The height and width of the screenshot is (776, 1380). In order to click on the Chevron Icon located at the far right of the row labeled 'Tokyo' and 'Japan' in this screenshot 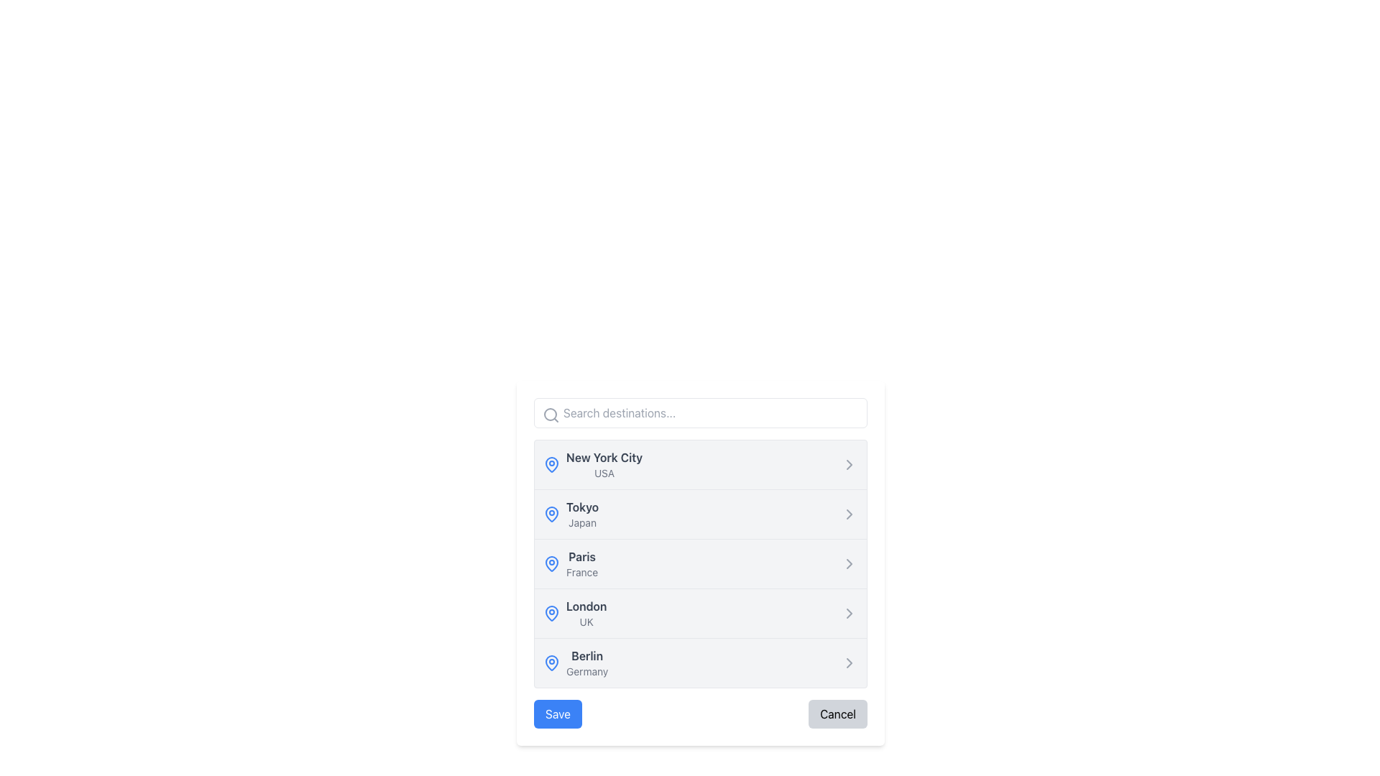, I will do `click(849, 514)`.